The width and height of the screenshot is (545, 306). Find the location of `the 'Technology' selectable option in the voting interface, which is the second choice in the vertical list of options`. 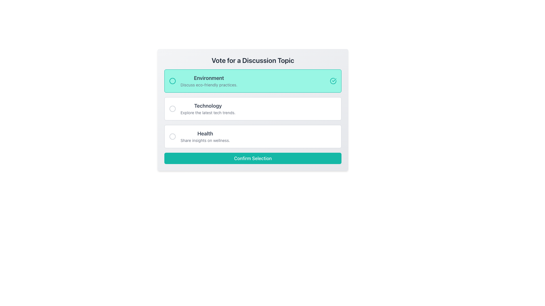

the 'Technology' selectable option in the voting interface, which is the second choice in the vertical list of options is located at coordinates (207, 109).